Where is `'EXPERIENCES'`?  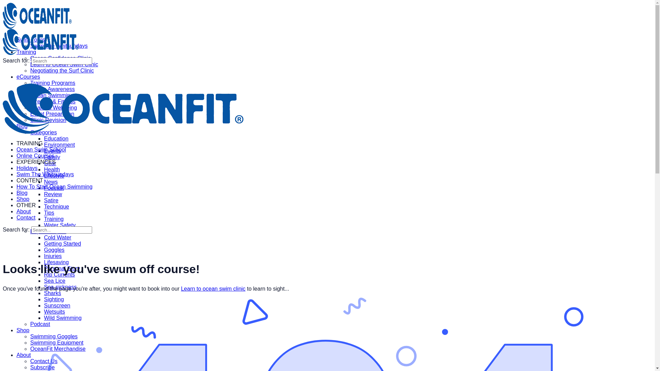 'EXPERIENCES' is located at coordinates (36, 162).